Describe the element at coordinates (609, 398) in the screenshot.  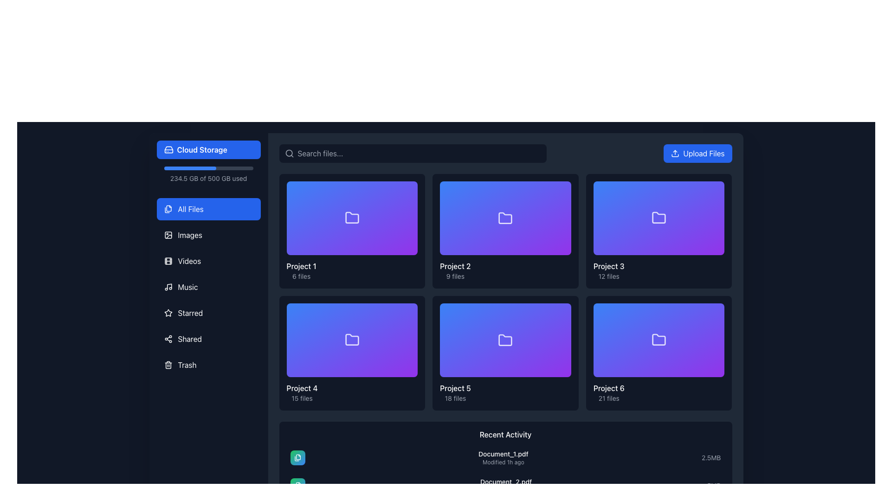
I see `the text label that displays '21 files' associated with 'Project 6', located in the last card of the second row among six visible cards` at that location.